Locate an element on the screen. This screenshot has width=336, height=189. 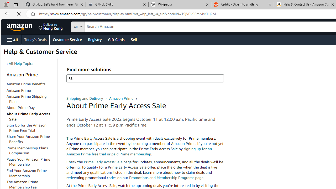
'Registry' is located at coordinates (94, 39).